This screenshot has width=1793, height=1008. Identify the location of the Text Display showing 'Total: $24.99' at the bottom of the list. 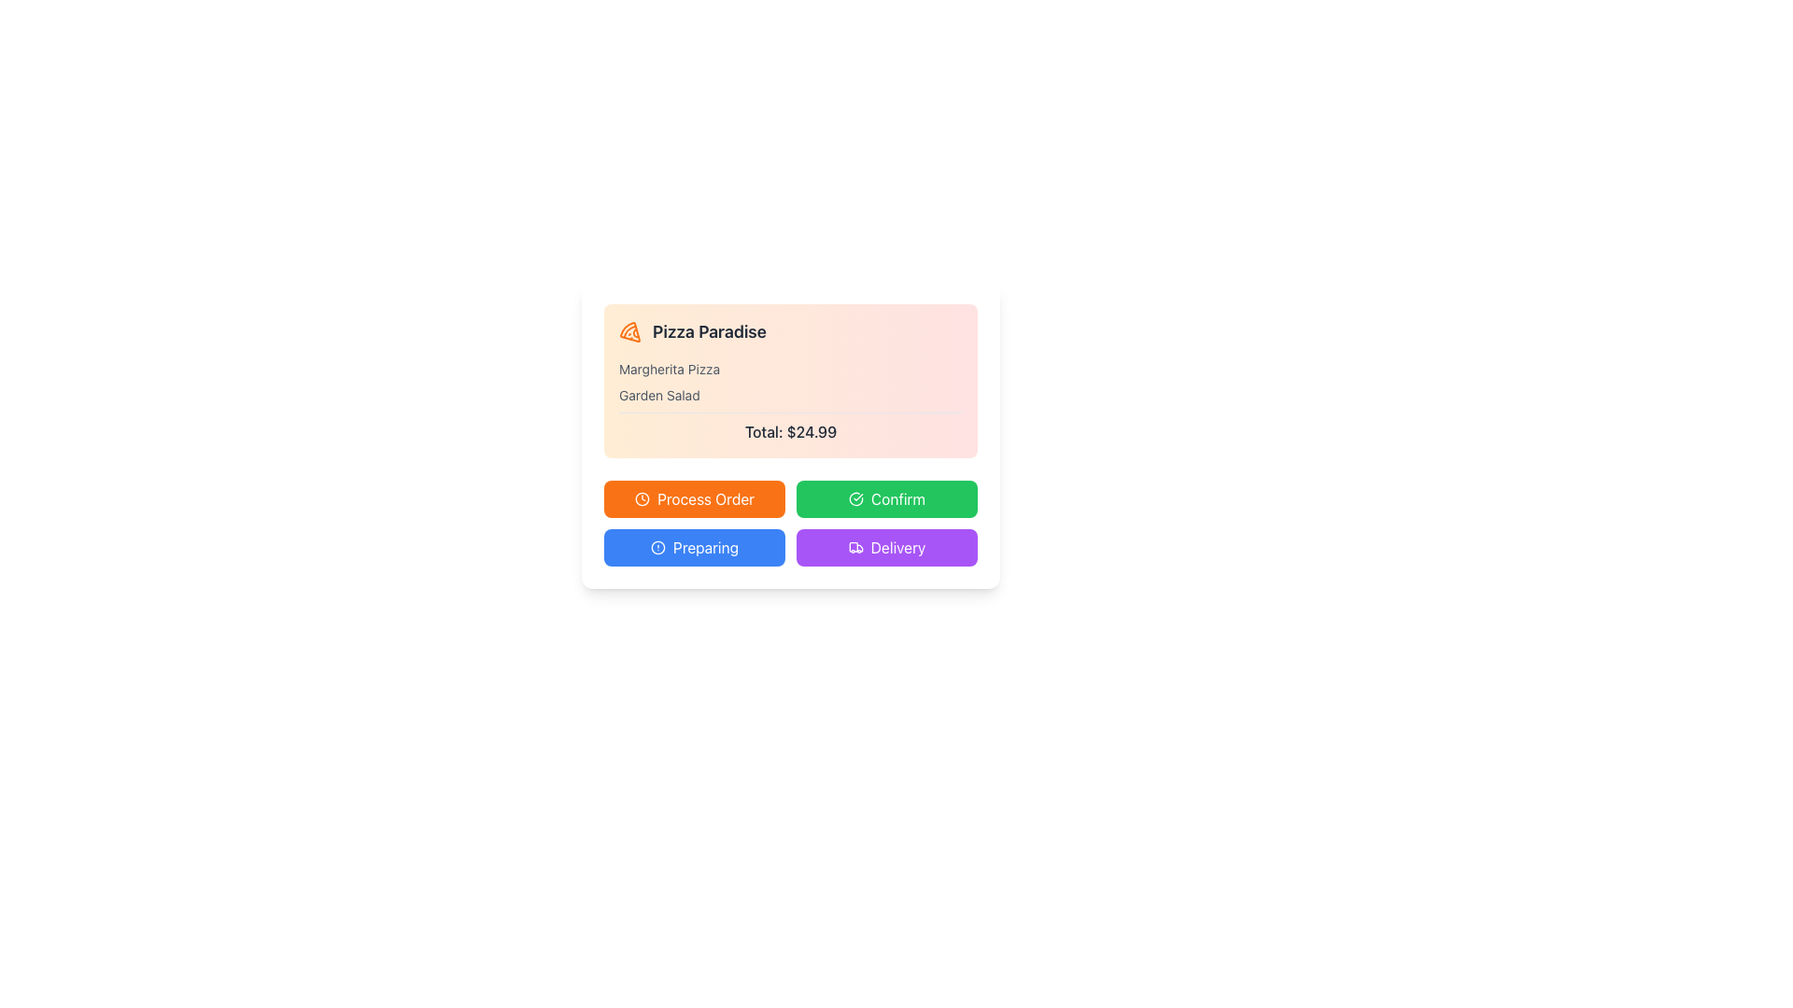
(790, 427).